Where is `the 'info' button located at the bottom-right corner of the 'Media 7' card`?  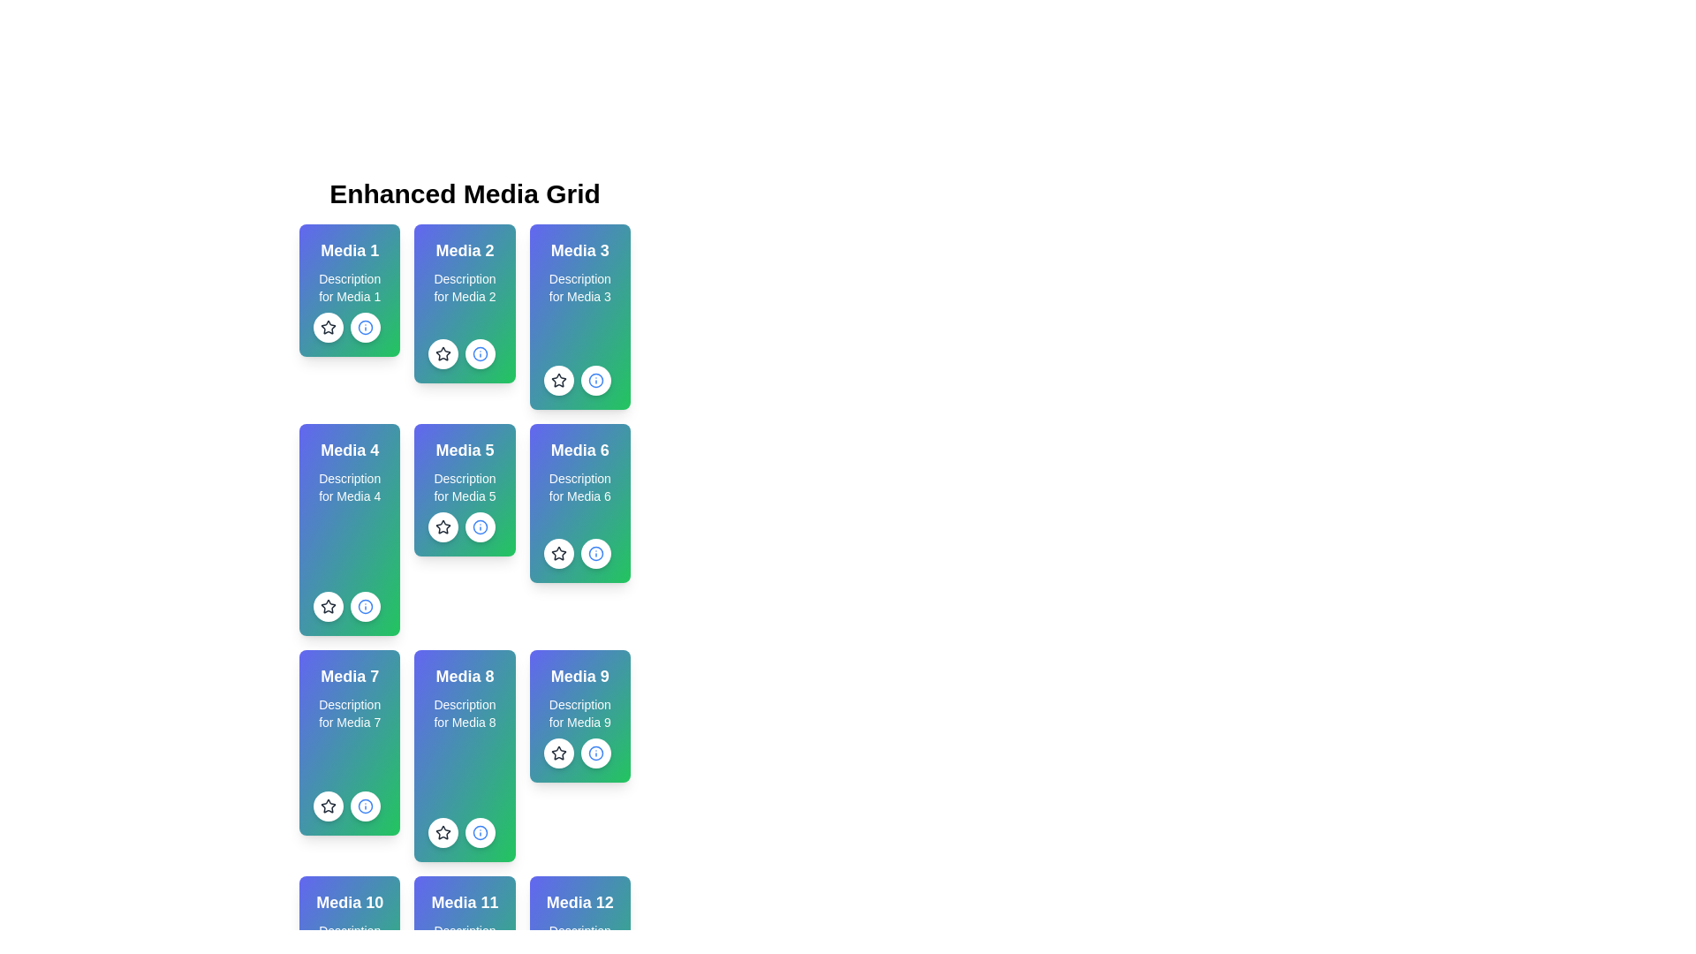 the 'info' button located at the bottom-right corner of the 'Media 7' card is located at coordinates (364, 806).